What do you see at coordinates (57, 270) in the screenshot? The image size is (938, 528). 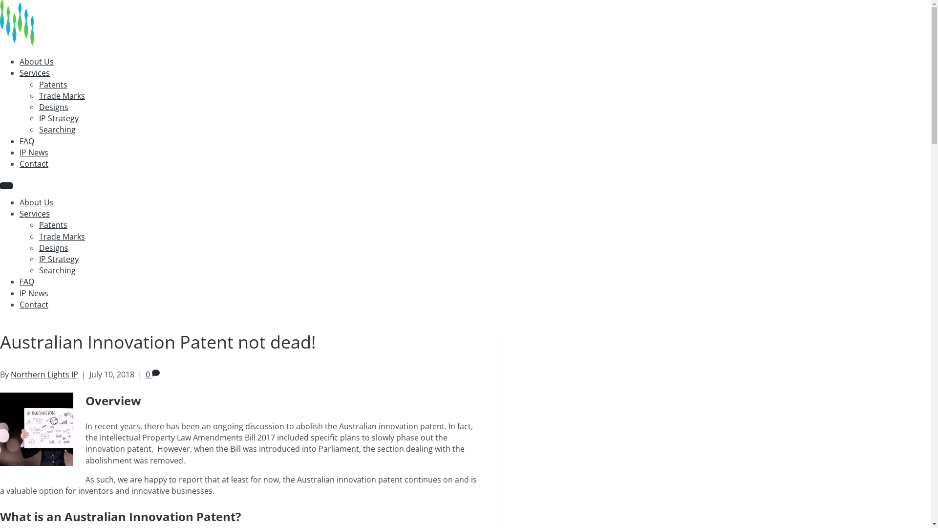 I see `'Searching'` at bounding box center [57, 270].